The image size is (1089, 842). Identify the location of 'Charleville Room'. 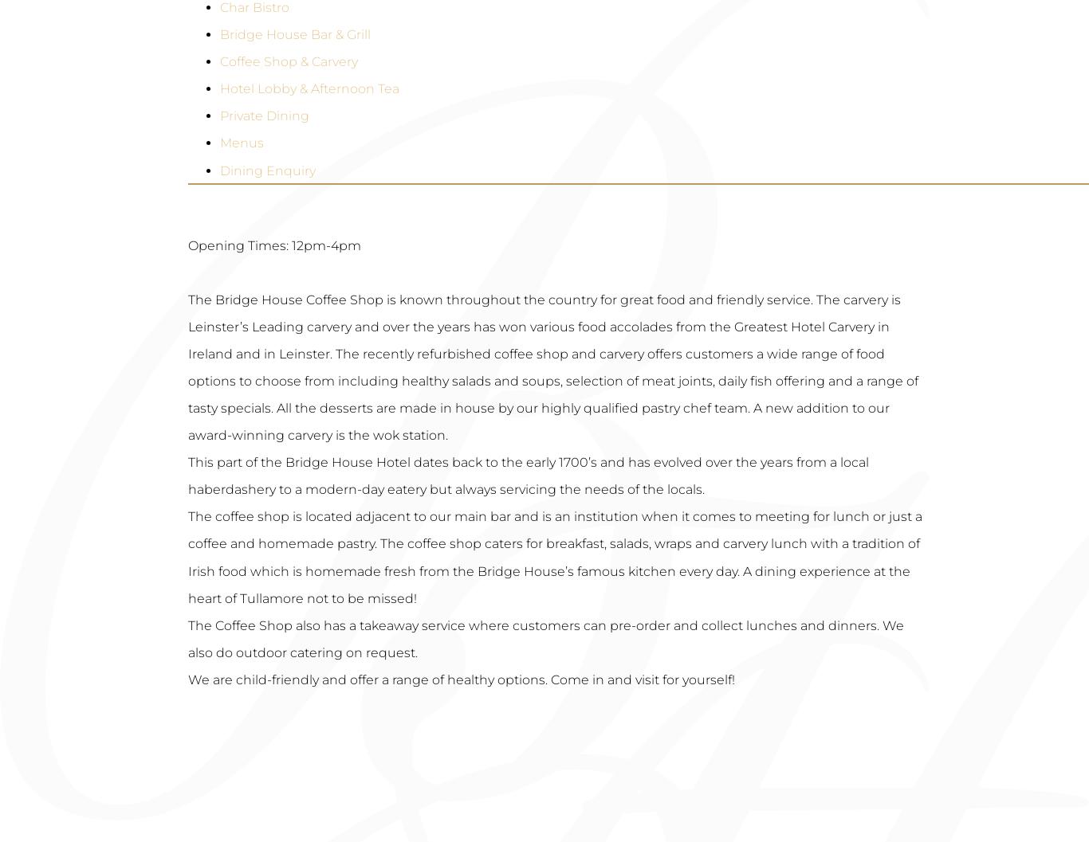
(221, 126).